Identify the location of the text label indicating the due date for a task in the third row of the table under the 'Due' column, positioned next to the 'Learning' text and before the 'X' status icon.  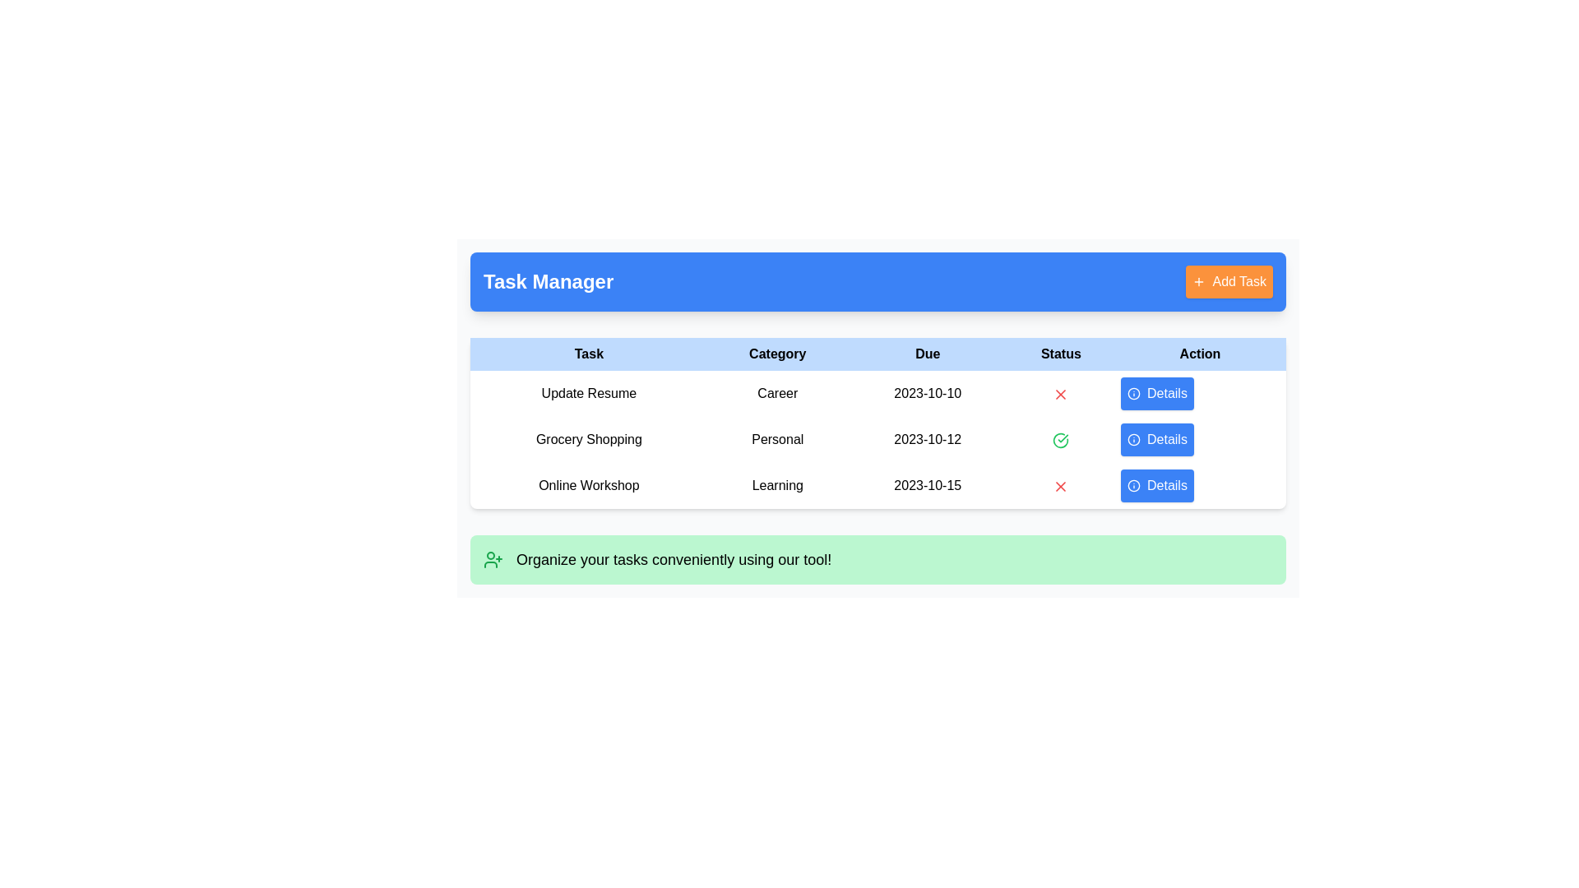
(928, 484).